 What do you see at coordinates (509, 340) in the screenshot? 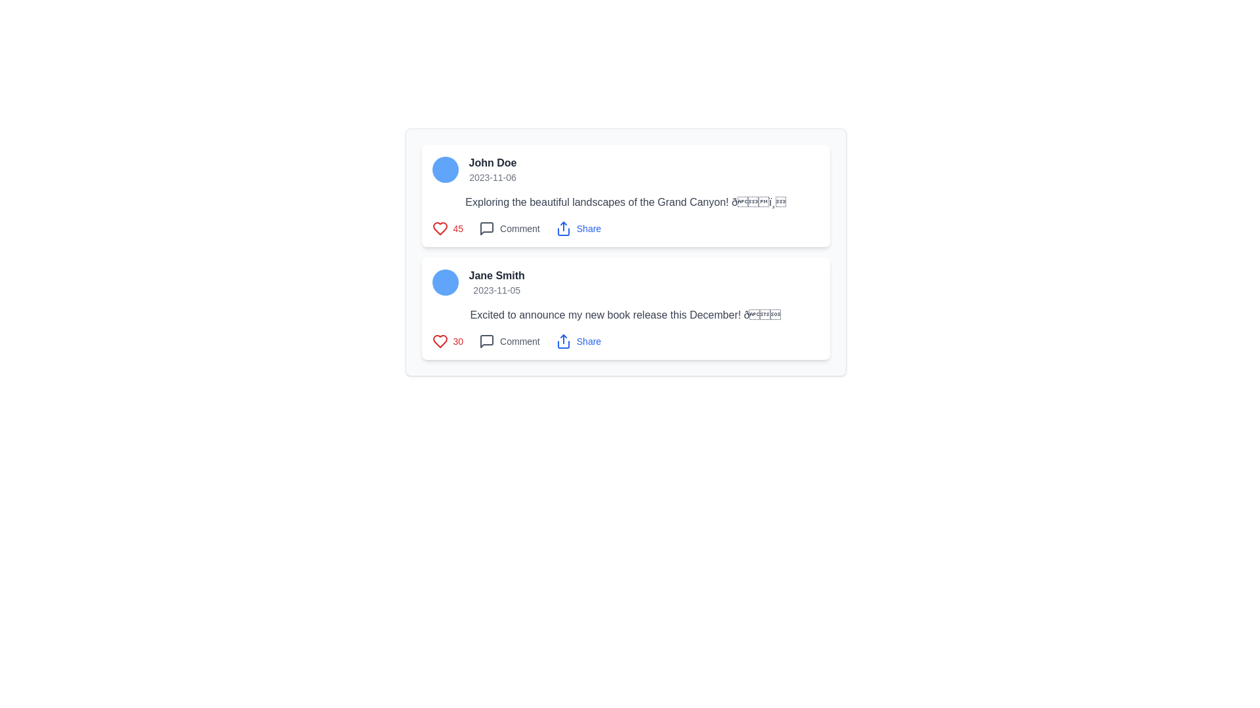
I see `the 'Comment' button, which features a speech bubble icon followed by the text 'Comment', located in the interactive options group at the bottom of Jane Smith's post` at bounding box center [509, 340].